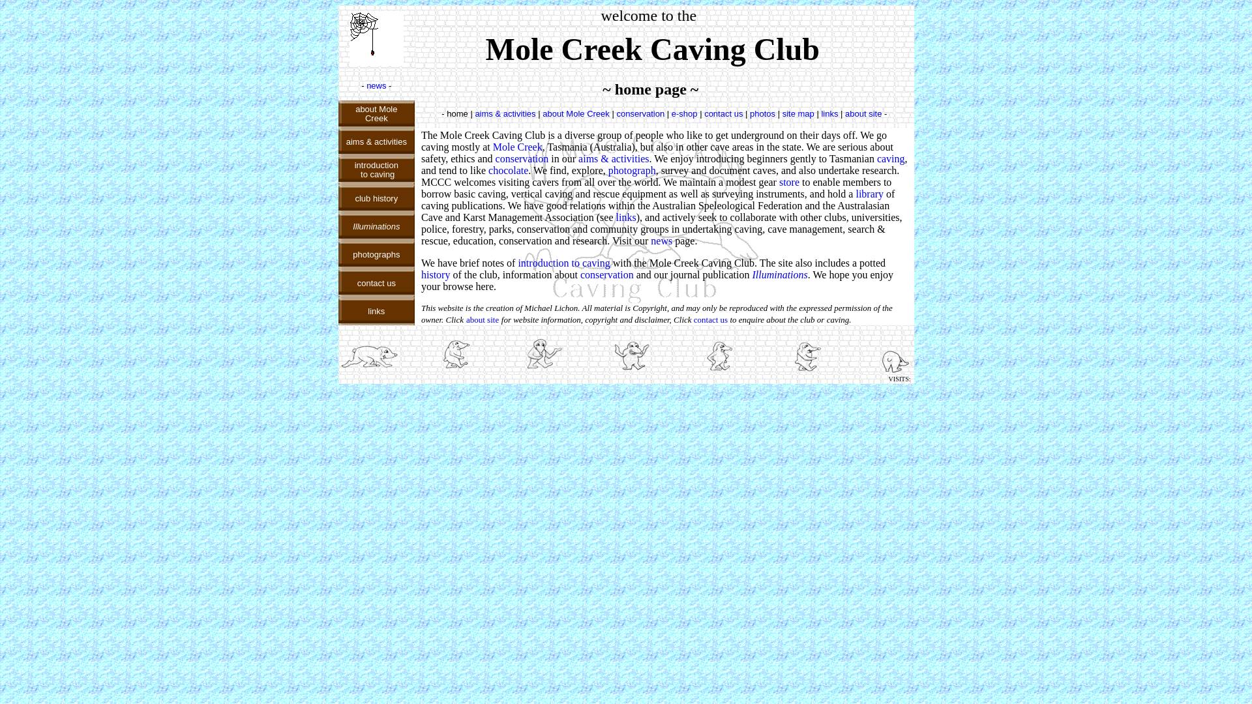 This screenshot has height=704, width=1252. Describe the element at coordinates (829, 112) in the screenshot. I see `'links'` at that location.